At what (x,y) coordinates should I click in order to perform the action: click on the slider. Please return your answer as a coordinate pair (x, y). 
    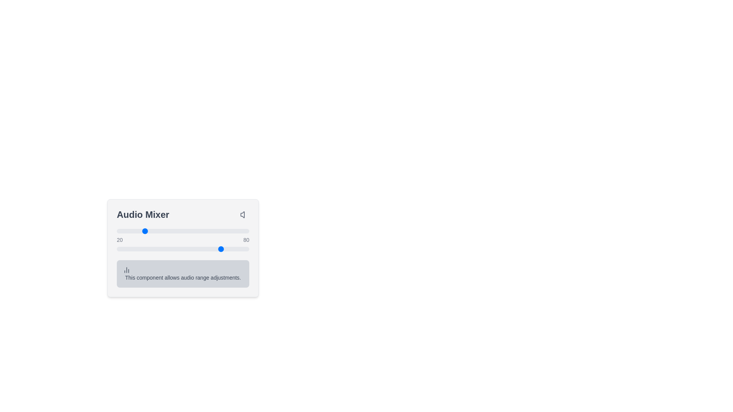
    Looking at the image, I should click on (173, 230).